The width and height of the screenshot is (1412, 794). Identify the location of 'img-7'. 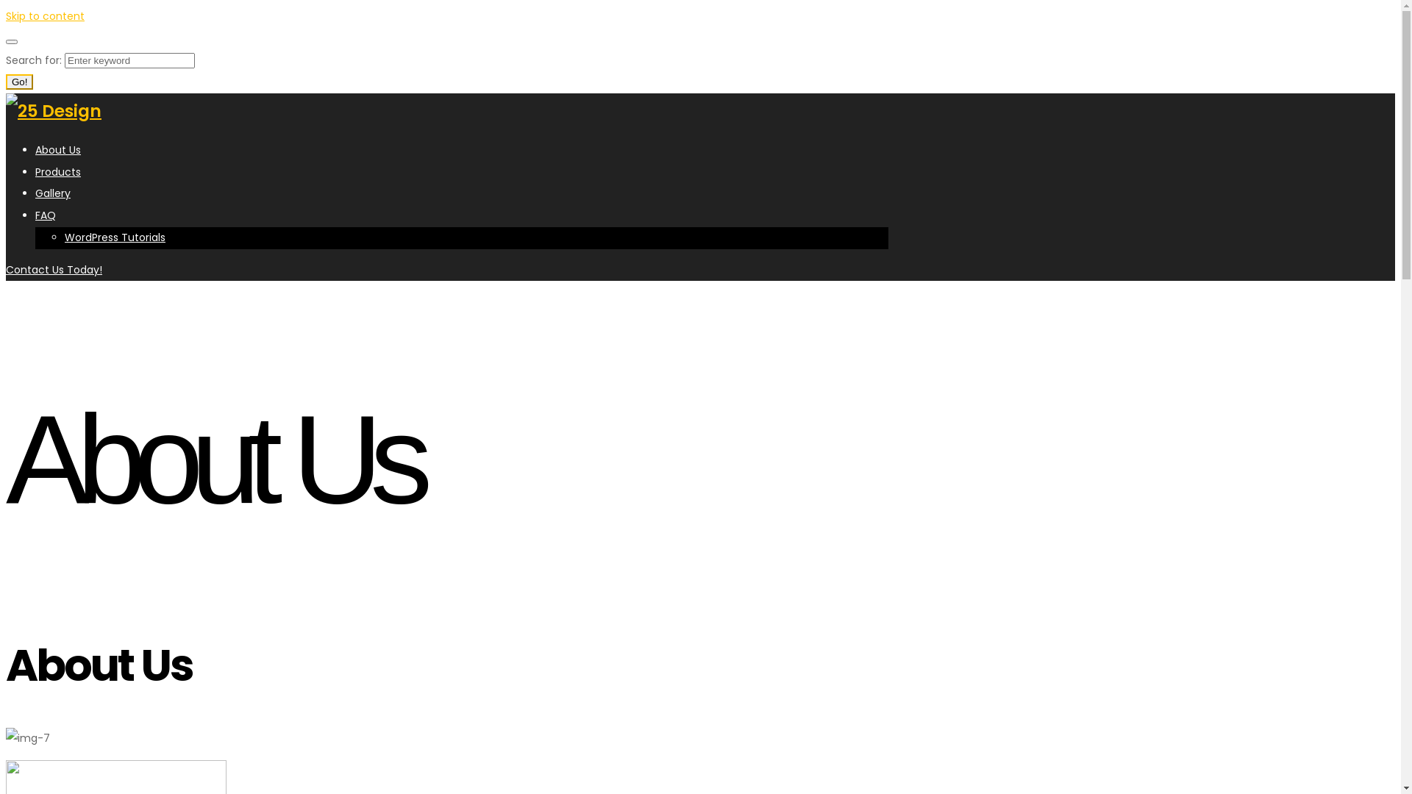
(28, 739).